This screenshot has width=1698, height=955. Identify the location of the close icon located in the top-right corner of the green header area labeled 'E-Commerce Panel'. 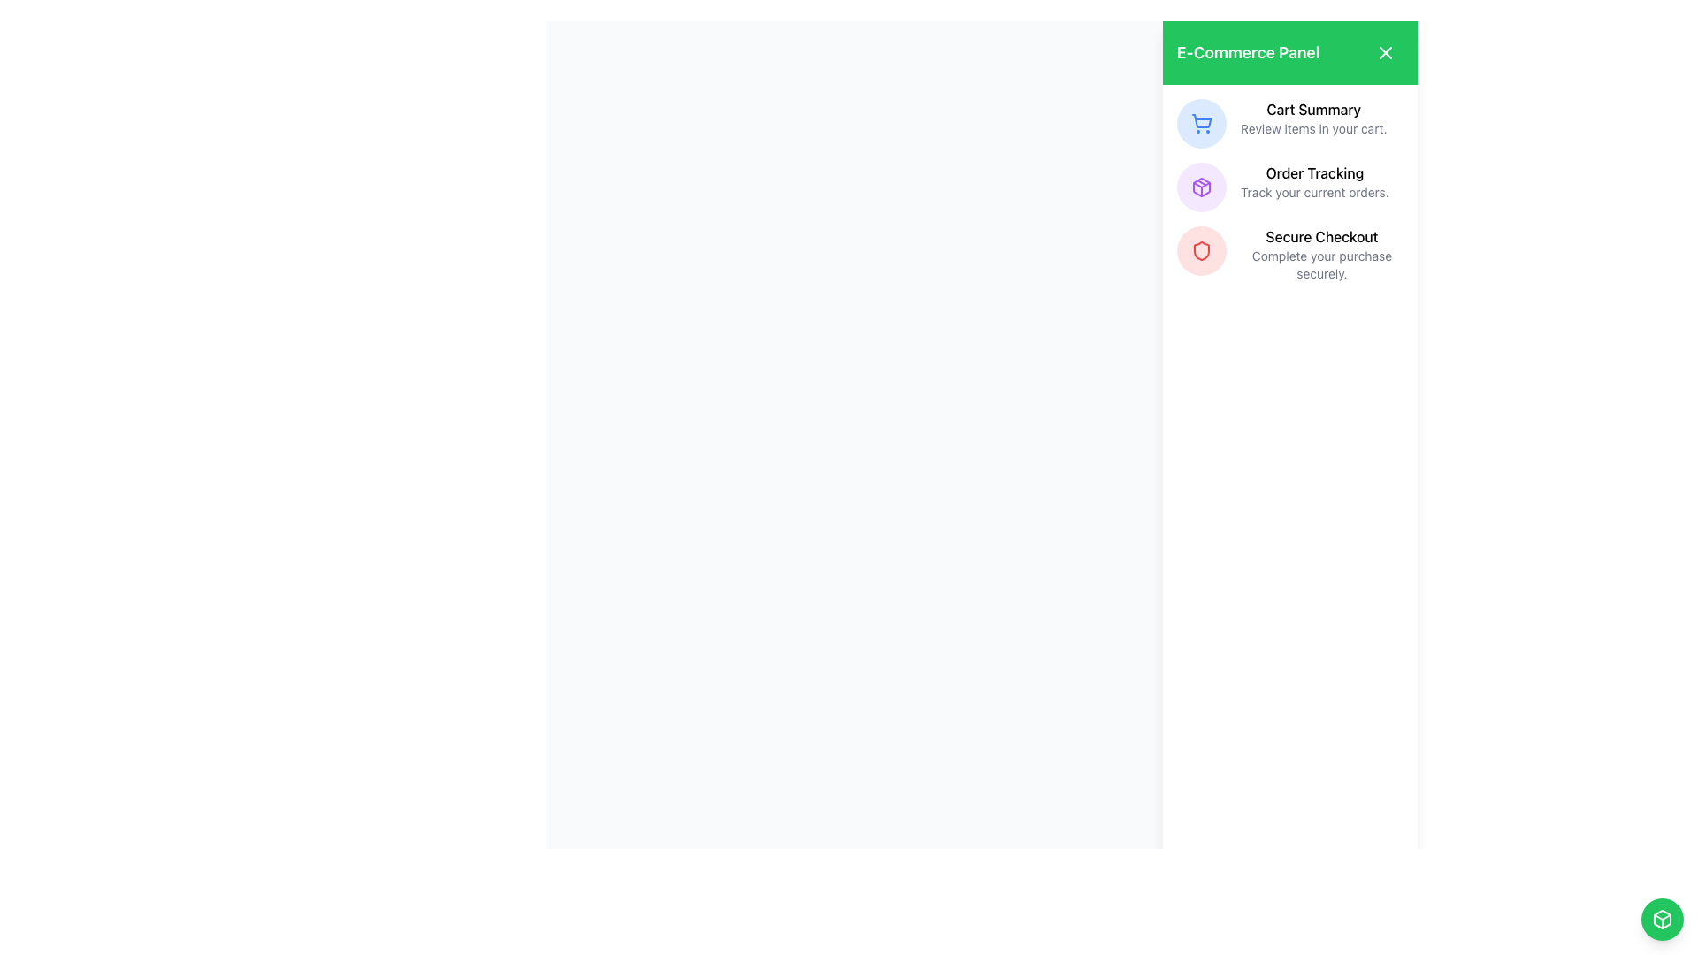
(1384, 52).